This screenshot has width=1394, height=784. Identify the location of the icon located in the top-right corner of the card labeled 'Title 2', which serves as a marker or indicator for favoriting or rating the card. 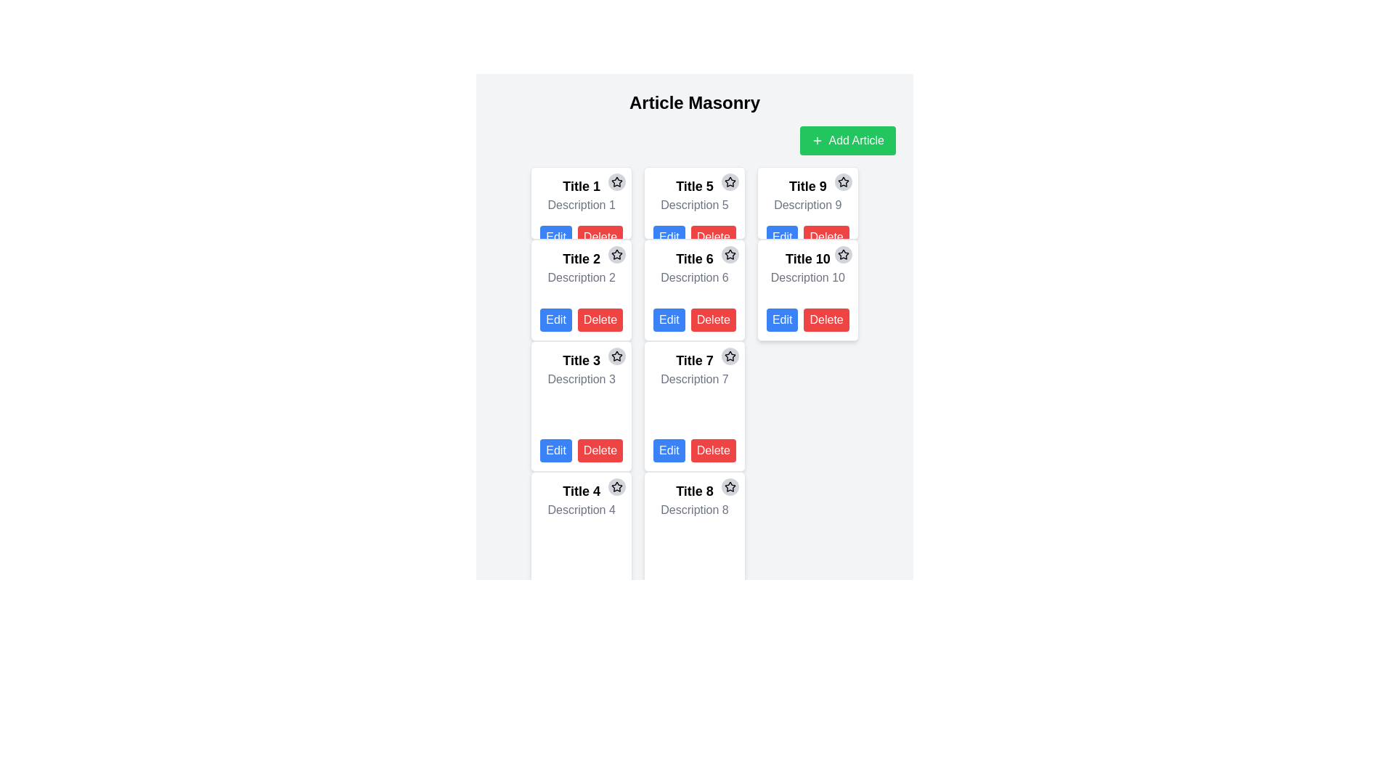
(617, 181).